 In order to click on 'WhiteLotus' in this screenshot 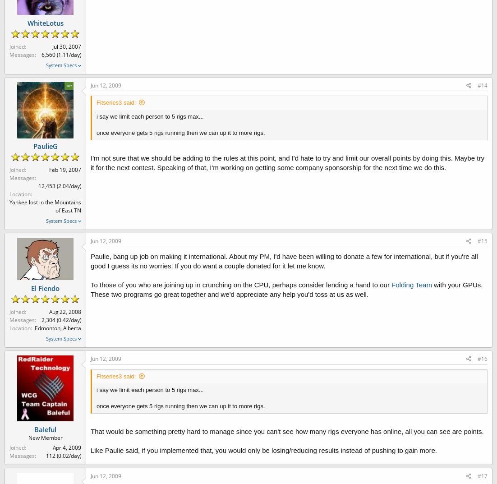, I will do `click(45, 22)`.